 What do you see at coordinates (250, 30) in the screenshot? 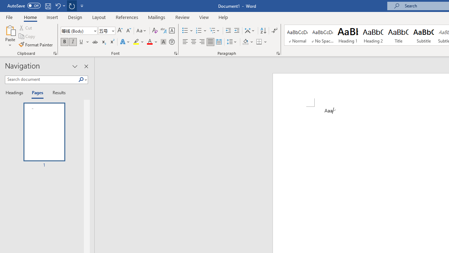
I see `'Asian Layout'` at bounding box center [250, 30].